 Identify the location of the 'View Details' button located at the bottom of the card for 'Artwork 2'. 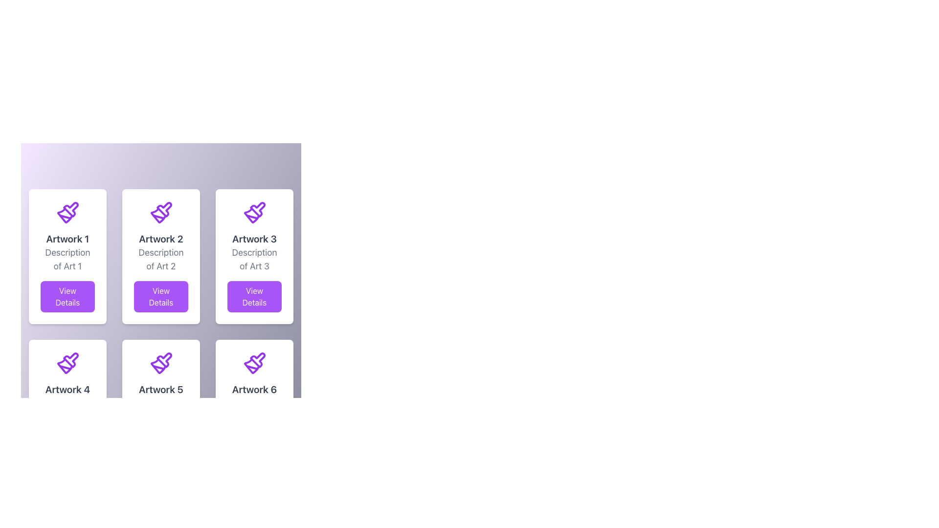
(161, 296).